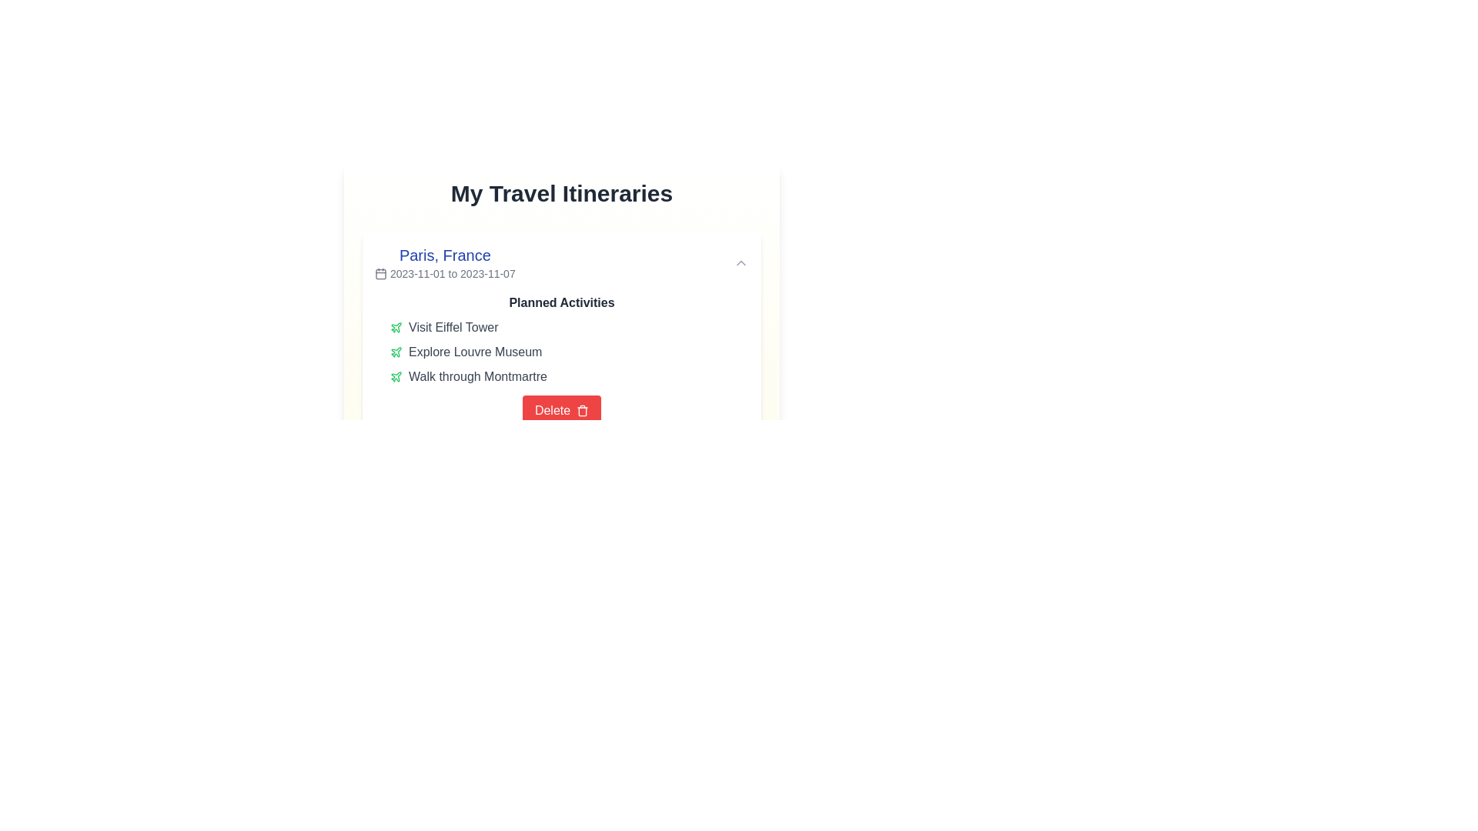  Describe the element at coordinates (560, 409) in the screenshot. I see `the delete button located at the bottom of the 'Planned Activities' section to change its background color` at that location.